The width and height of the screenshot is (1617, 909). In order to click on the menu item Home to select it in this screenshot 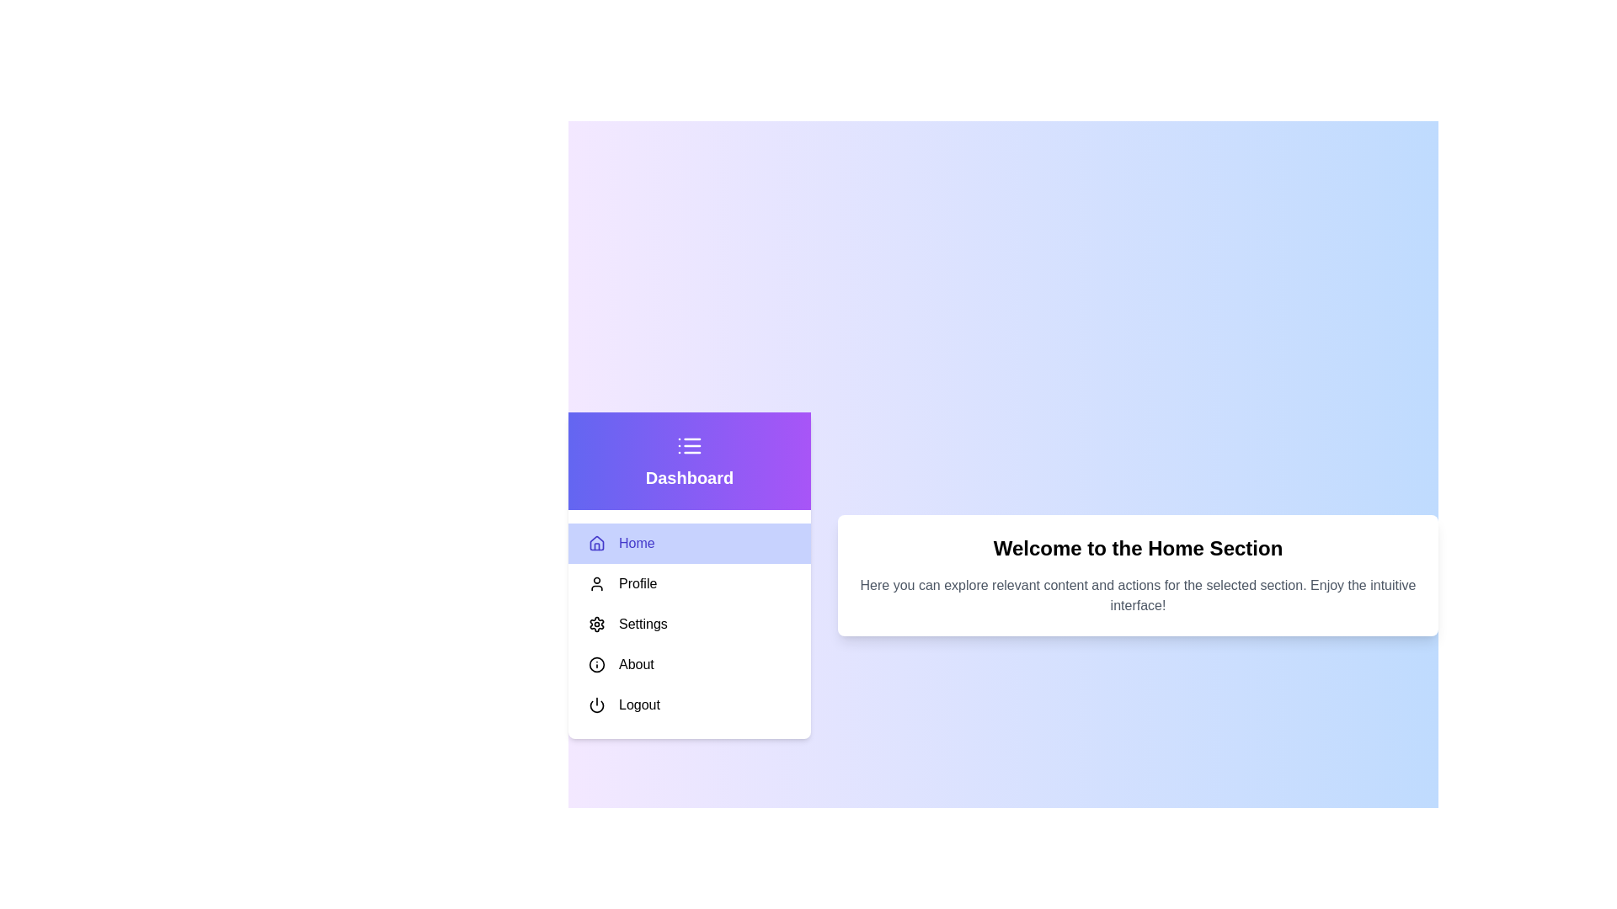, I will do `click(690, 543)`.